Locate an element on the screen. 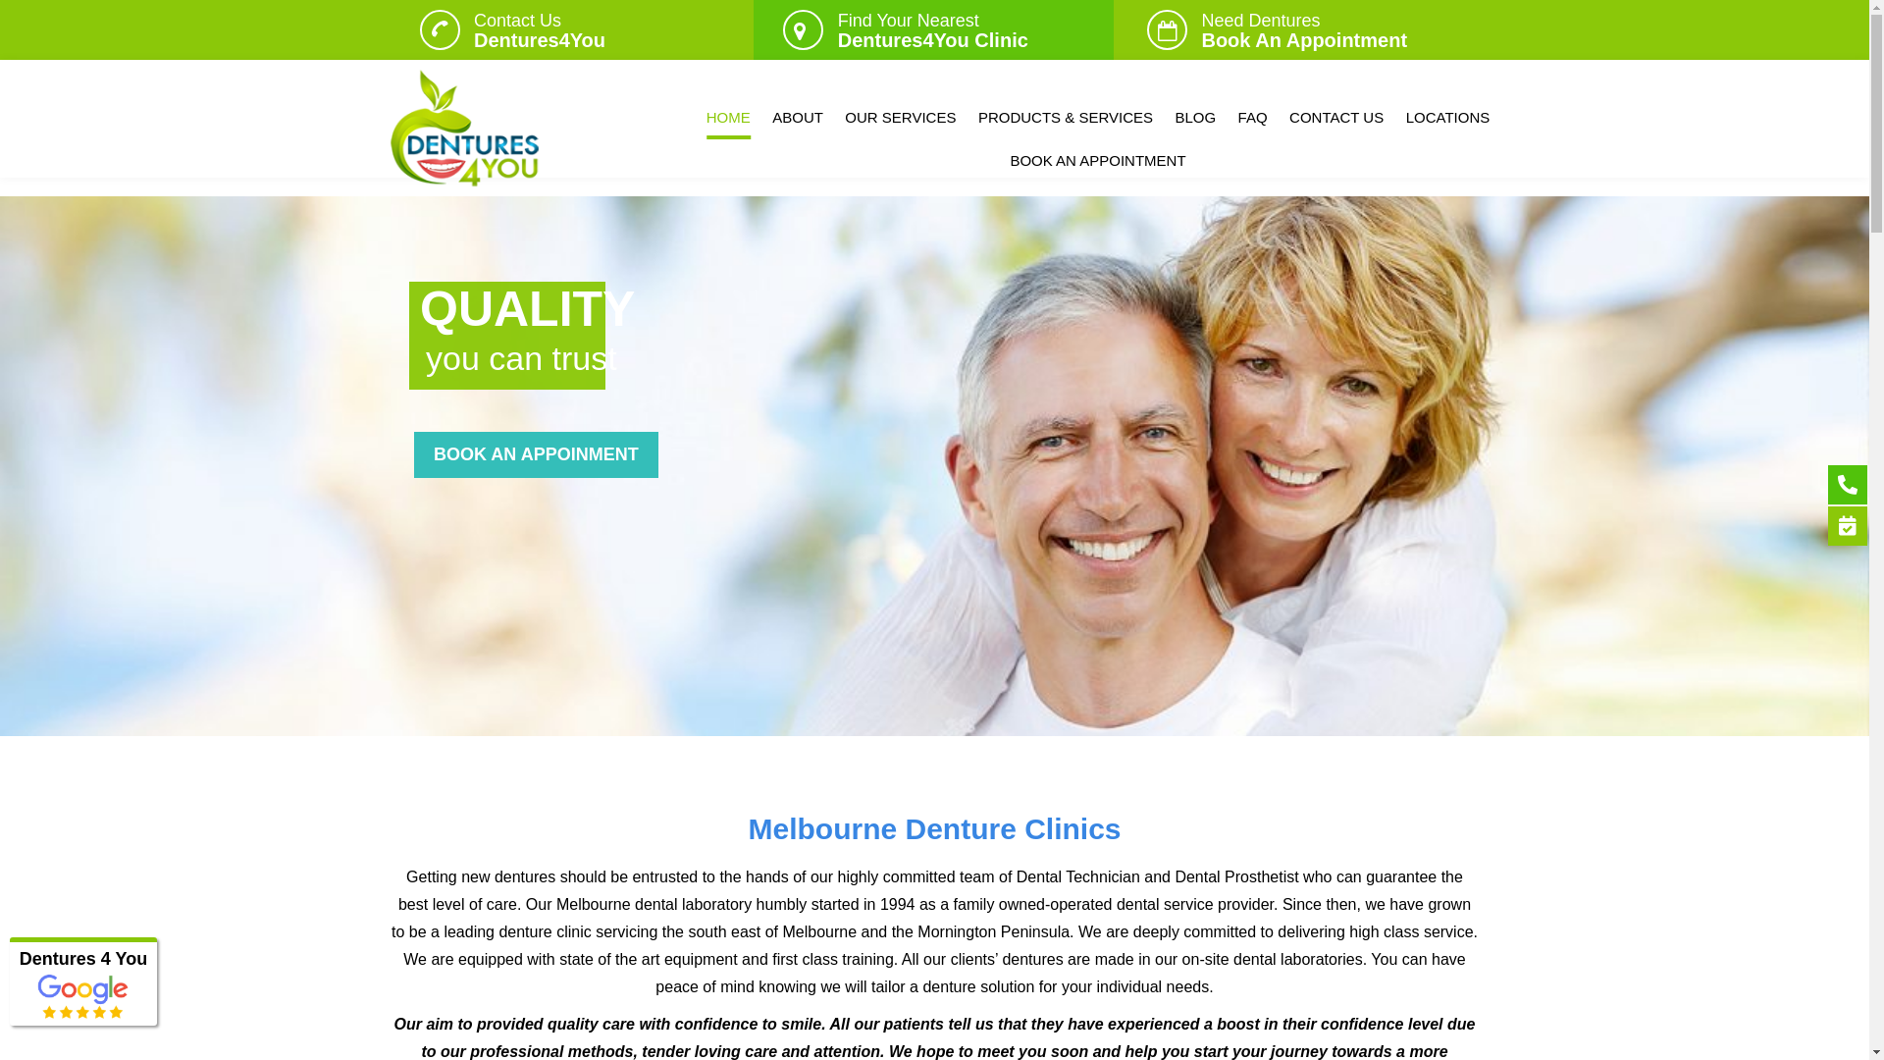  'Dentures 4 You' is located at coordinates (82, 957).